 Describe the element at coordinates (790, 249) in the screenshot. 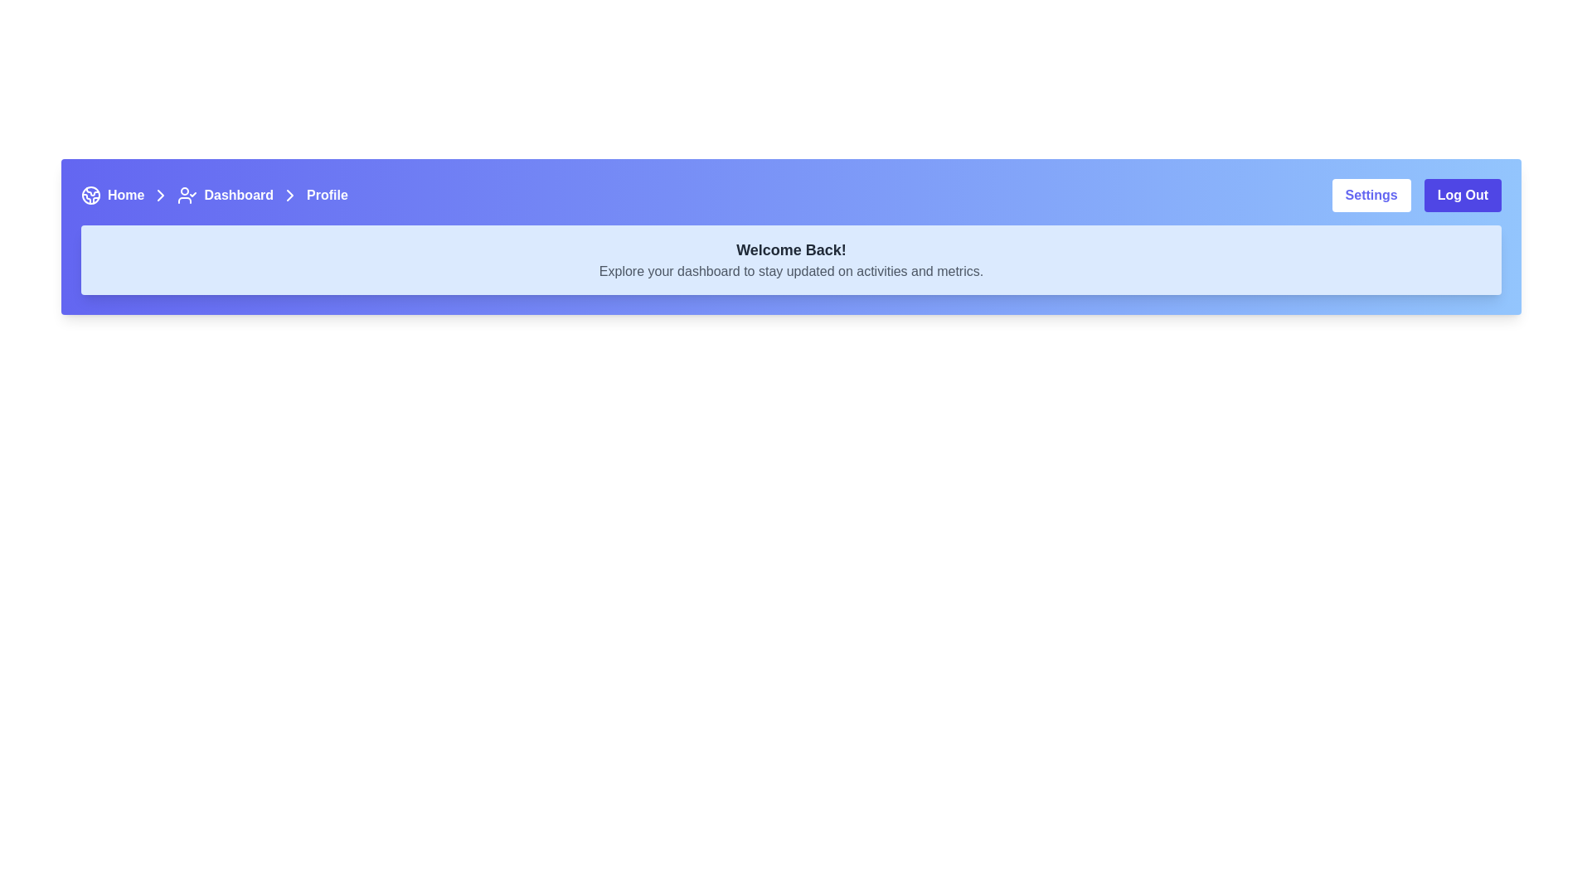

I see `the welcoming message text label that greets the user upon their return to the dashboard area, positioned above the sibling text element` at that location.